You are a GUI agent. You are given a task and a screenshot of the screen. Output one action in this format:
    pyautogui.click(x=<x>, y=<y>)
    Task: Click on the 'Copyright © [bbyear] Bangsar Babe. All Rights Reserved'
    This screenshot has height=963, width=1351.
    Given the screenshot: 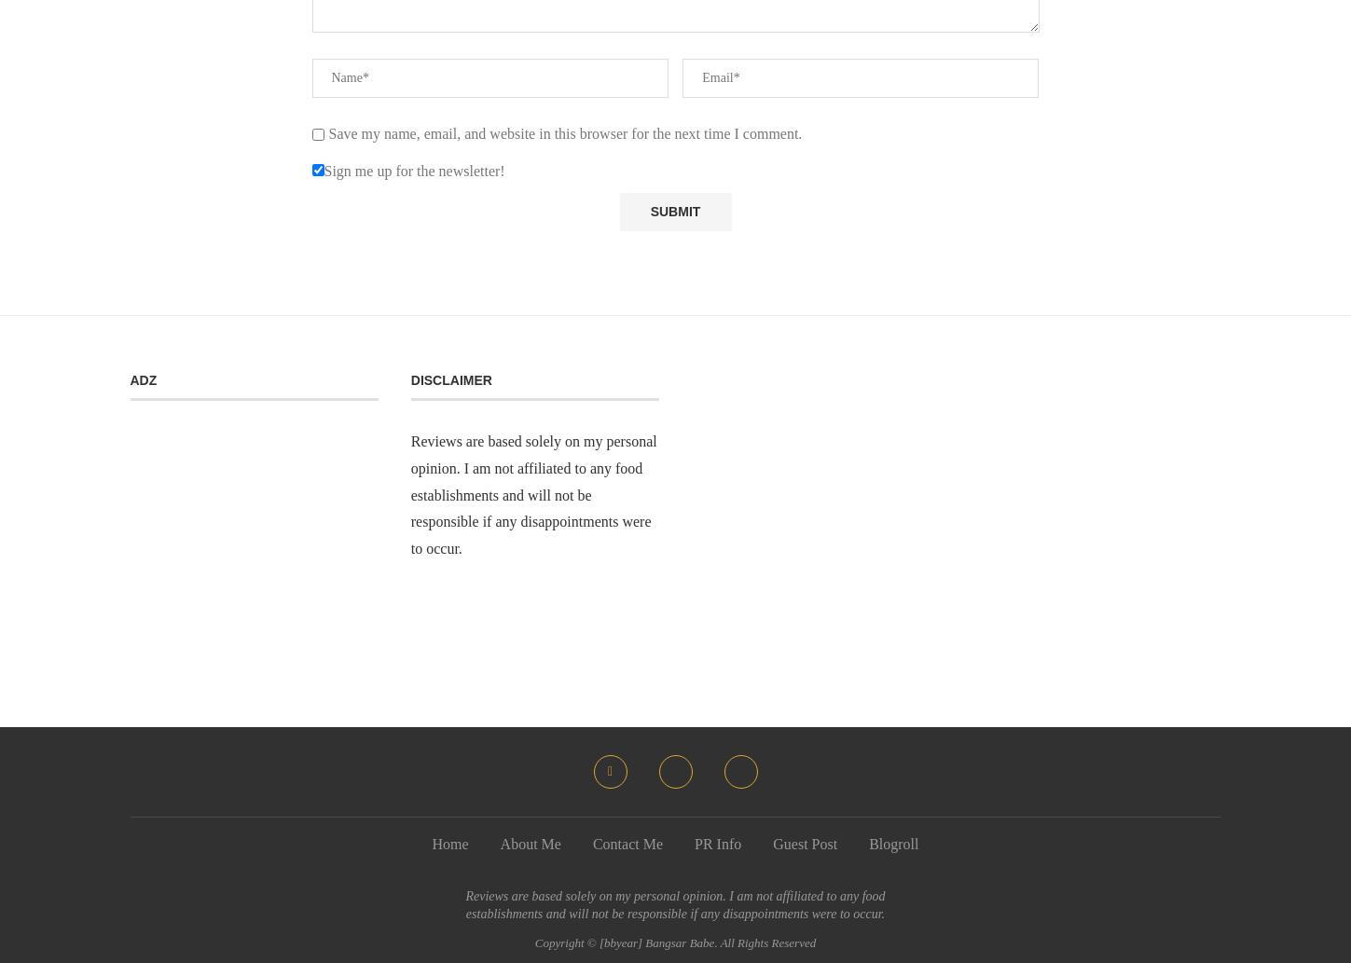 What is the action you would take?
    pyautogui.click(x=675, y=941)
    